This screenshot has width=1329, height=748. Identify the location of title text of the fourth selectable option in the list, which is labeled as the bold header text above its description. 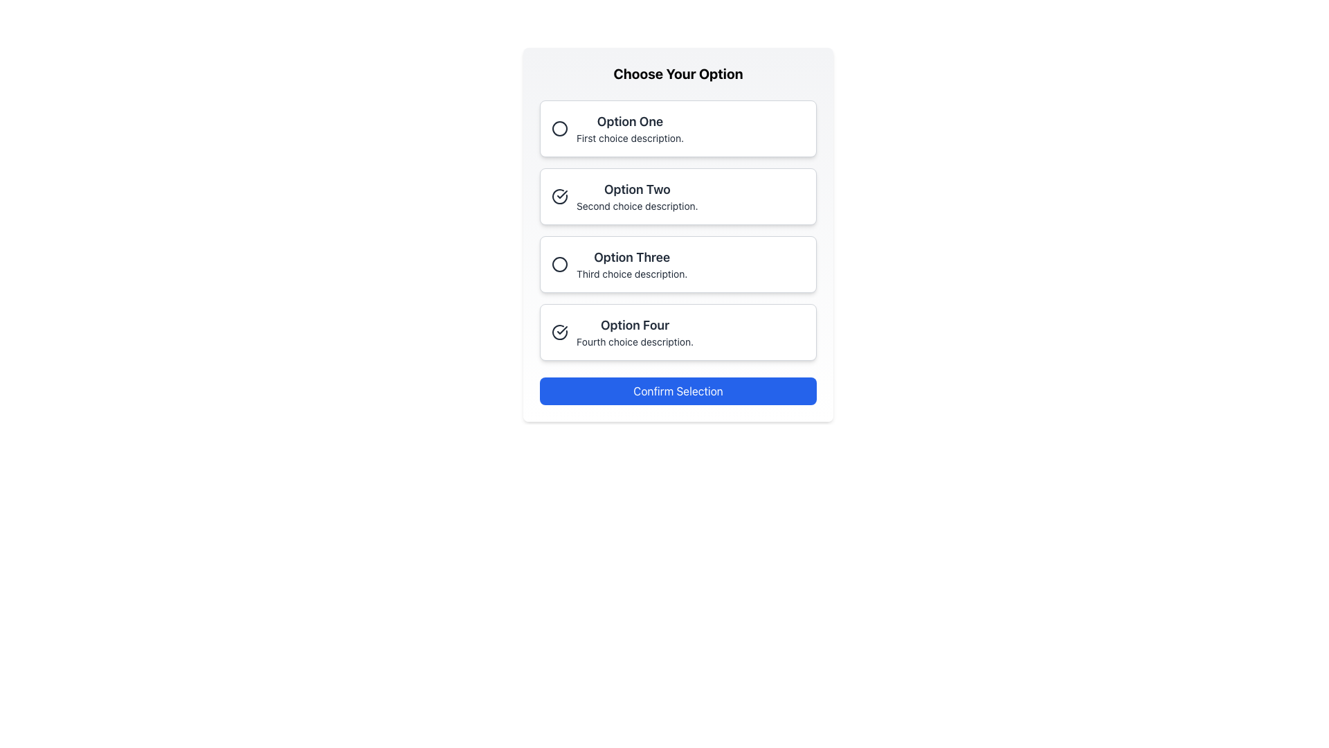
(634, 326).